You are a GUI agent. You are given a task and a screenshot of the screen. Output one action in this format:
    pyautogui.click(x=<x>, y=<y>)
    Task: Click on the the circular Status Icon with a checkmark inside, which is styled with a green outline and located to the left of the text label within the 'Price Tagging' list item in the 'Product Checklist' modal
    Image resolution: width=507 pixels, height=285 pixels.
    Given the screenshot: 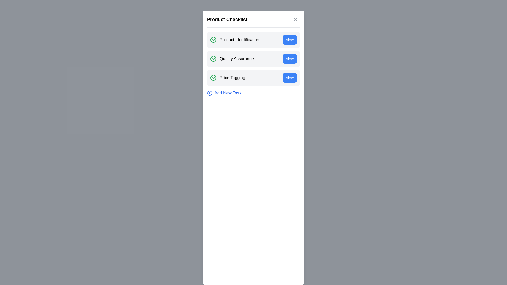 What is the action you would take?
    pyautogui.click(x=213, y=78)
    